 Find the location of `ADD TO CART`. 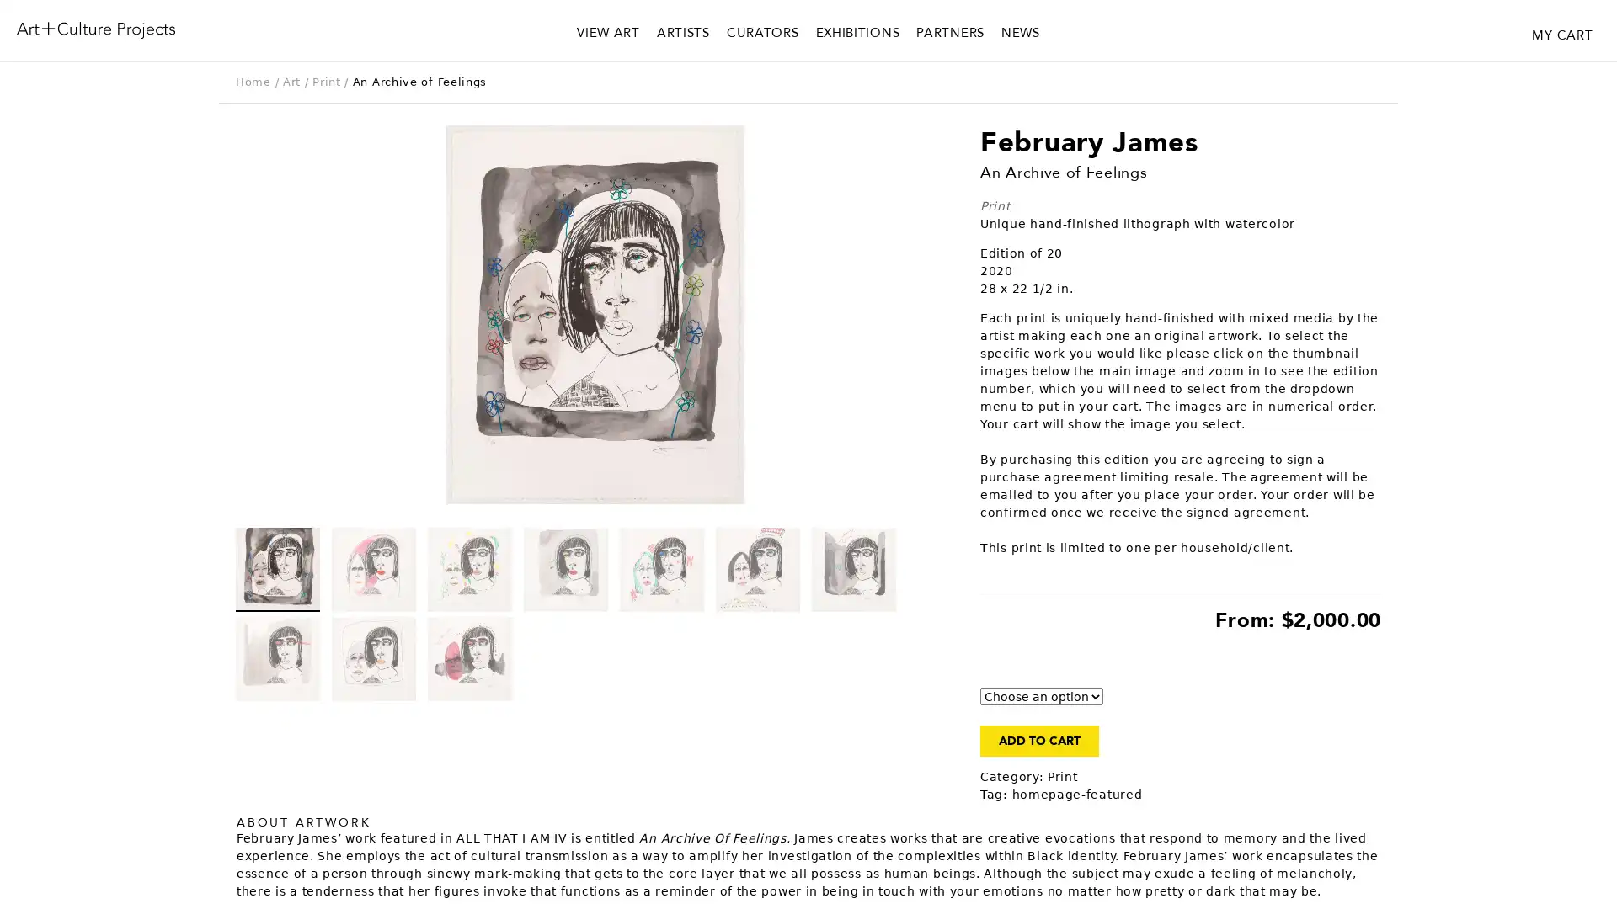

ADD TO CART is located at coordinates (1038, 740).